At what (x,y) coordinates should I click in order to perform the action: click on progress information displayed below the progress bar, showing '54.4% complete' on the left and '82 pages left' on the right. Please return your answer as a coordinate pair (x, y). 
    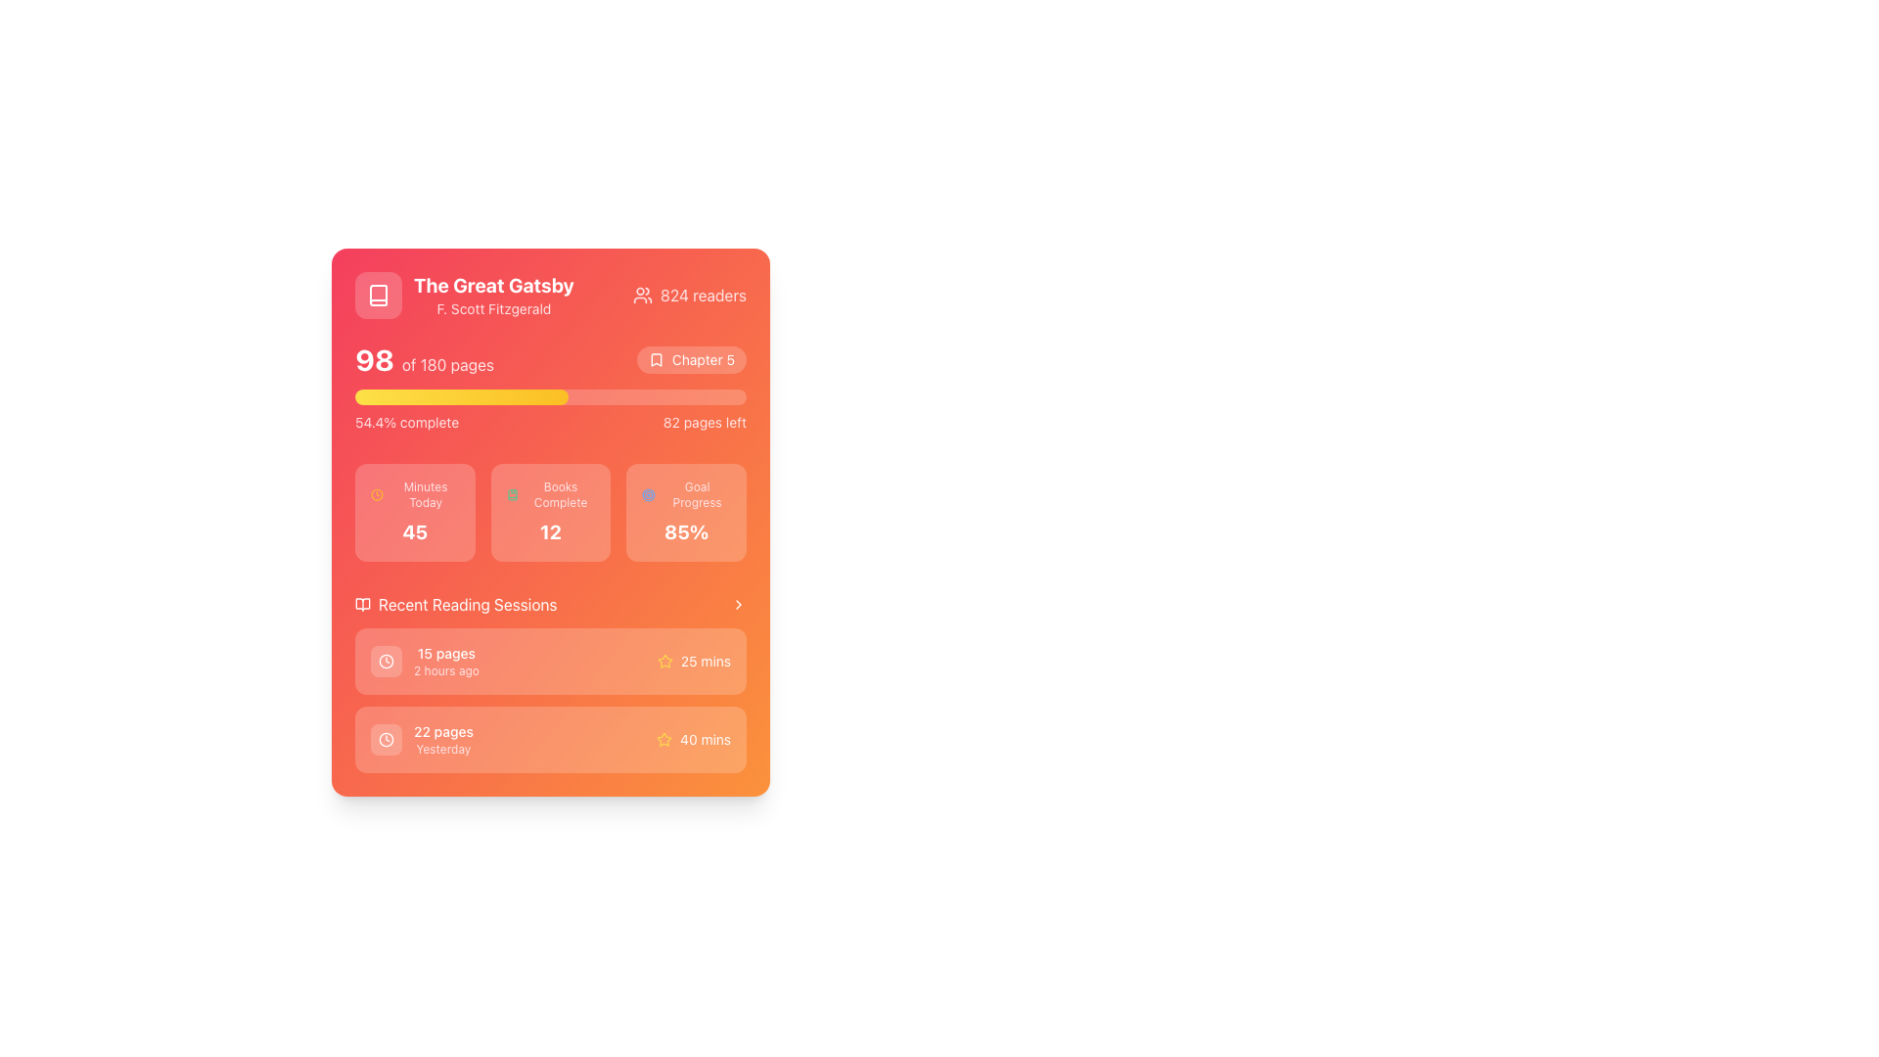
    Looking at the image, I should click on (549, 422).